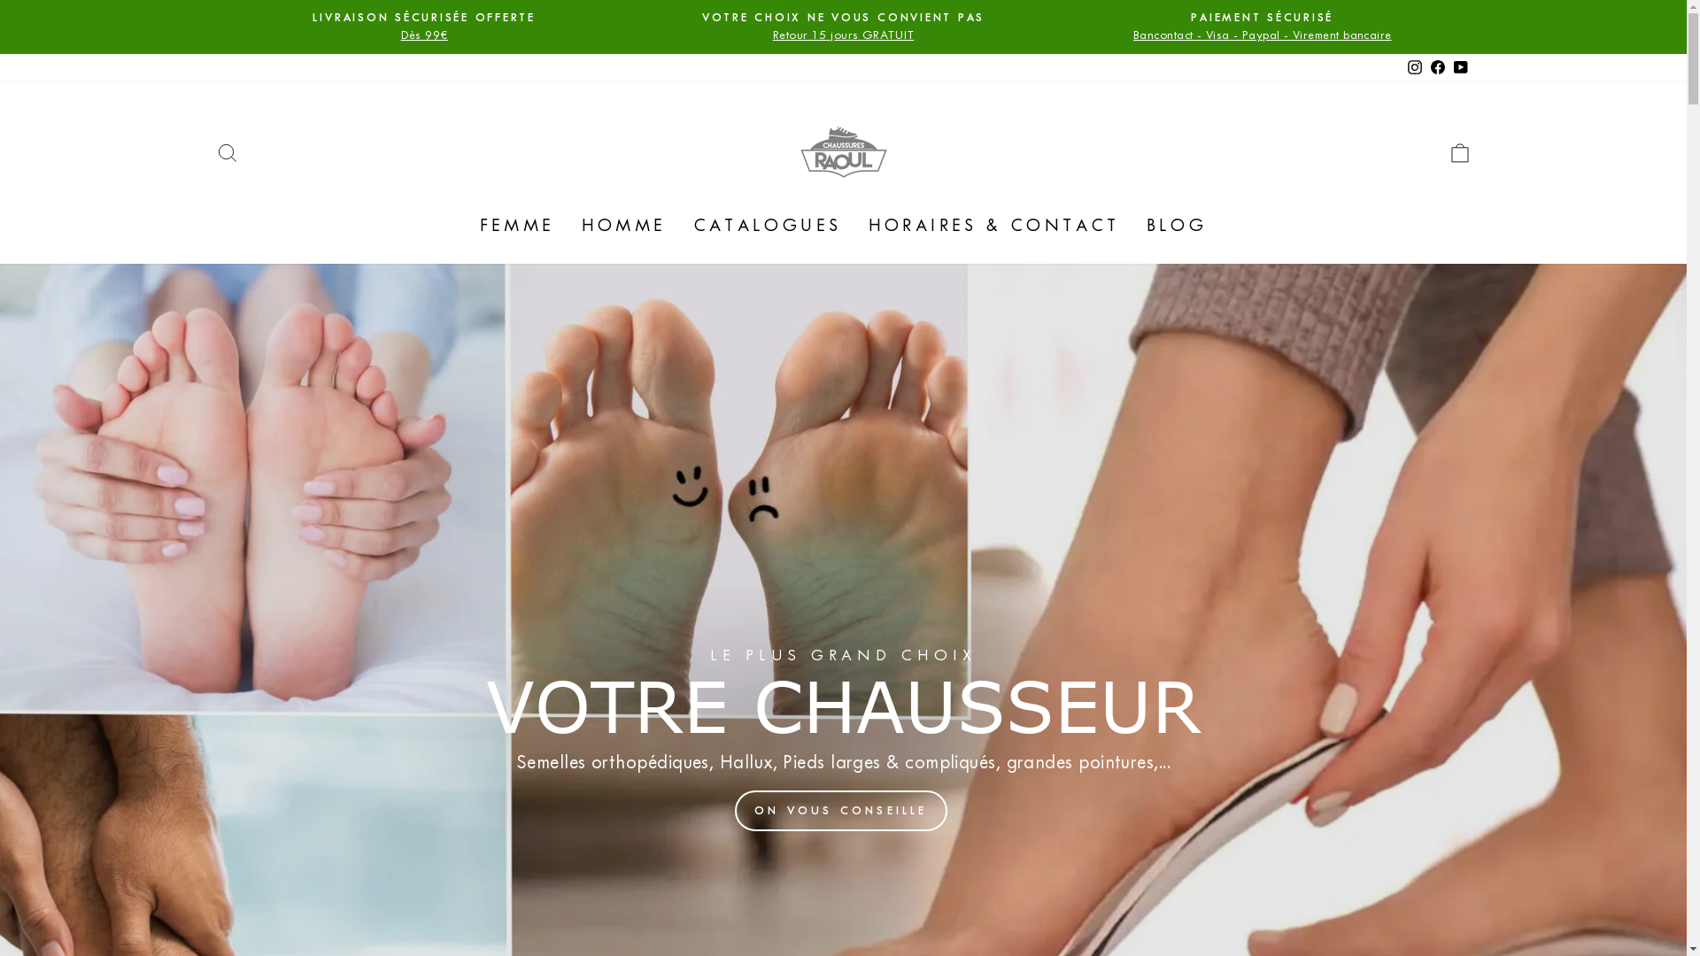 Image resolution: width=1700 pixels, height=956 pixels. I want to click on 'HORAIRES & CONTACT', so click(994, 224).